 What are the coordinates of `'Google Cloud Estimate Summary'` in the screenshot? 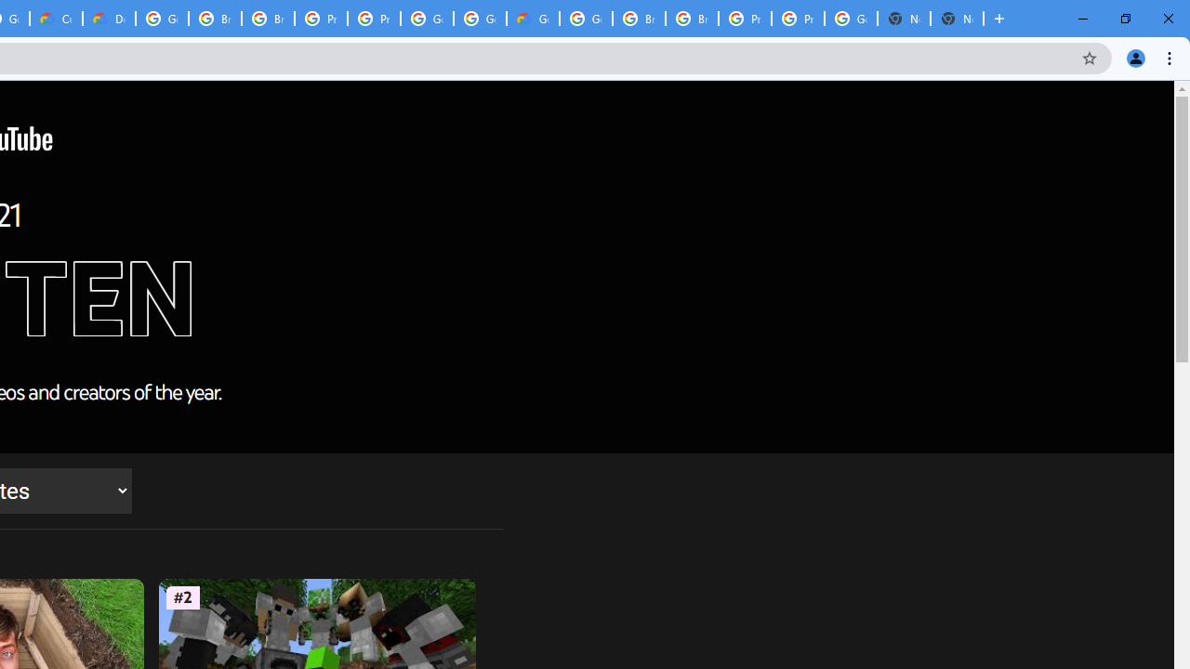 It's located at (532, 19).